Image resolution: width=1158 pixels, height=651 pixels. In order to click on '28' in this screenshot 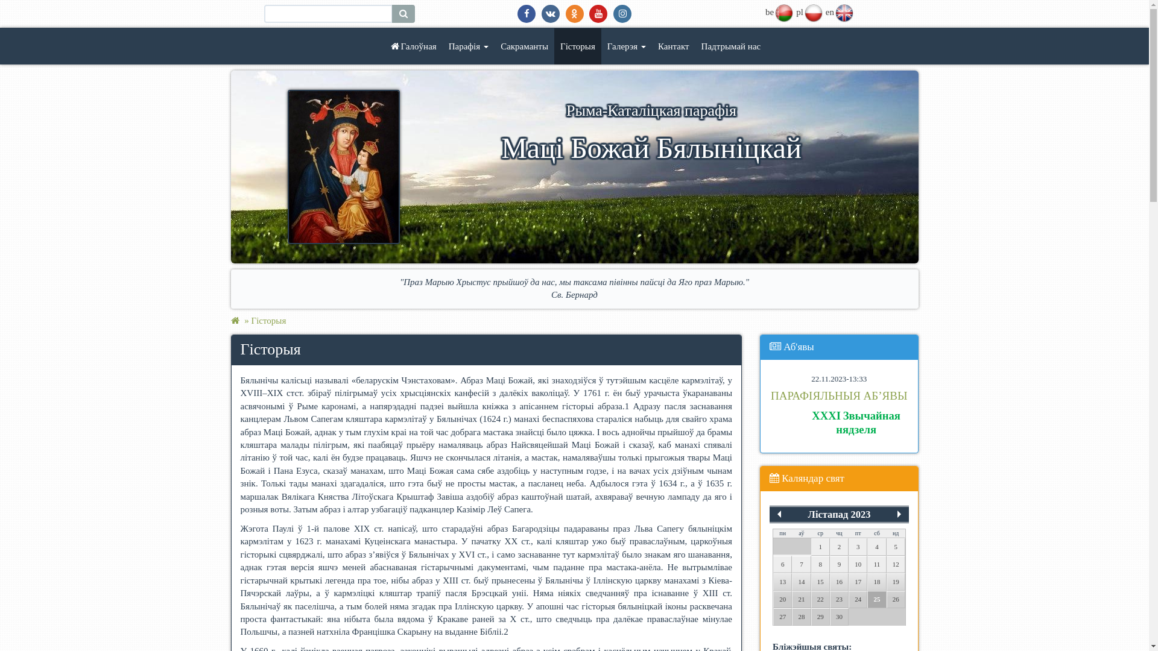, I will do `click(801, 617)`.